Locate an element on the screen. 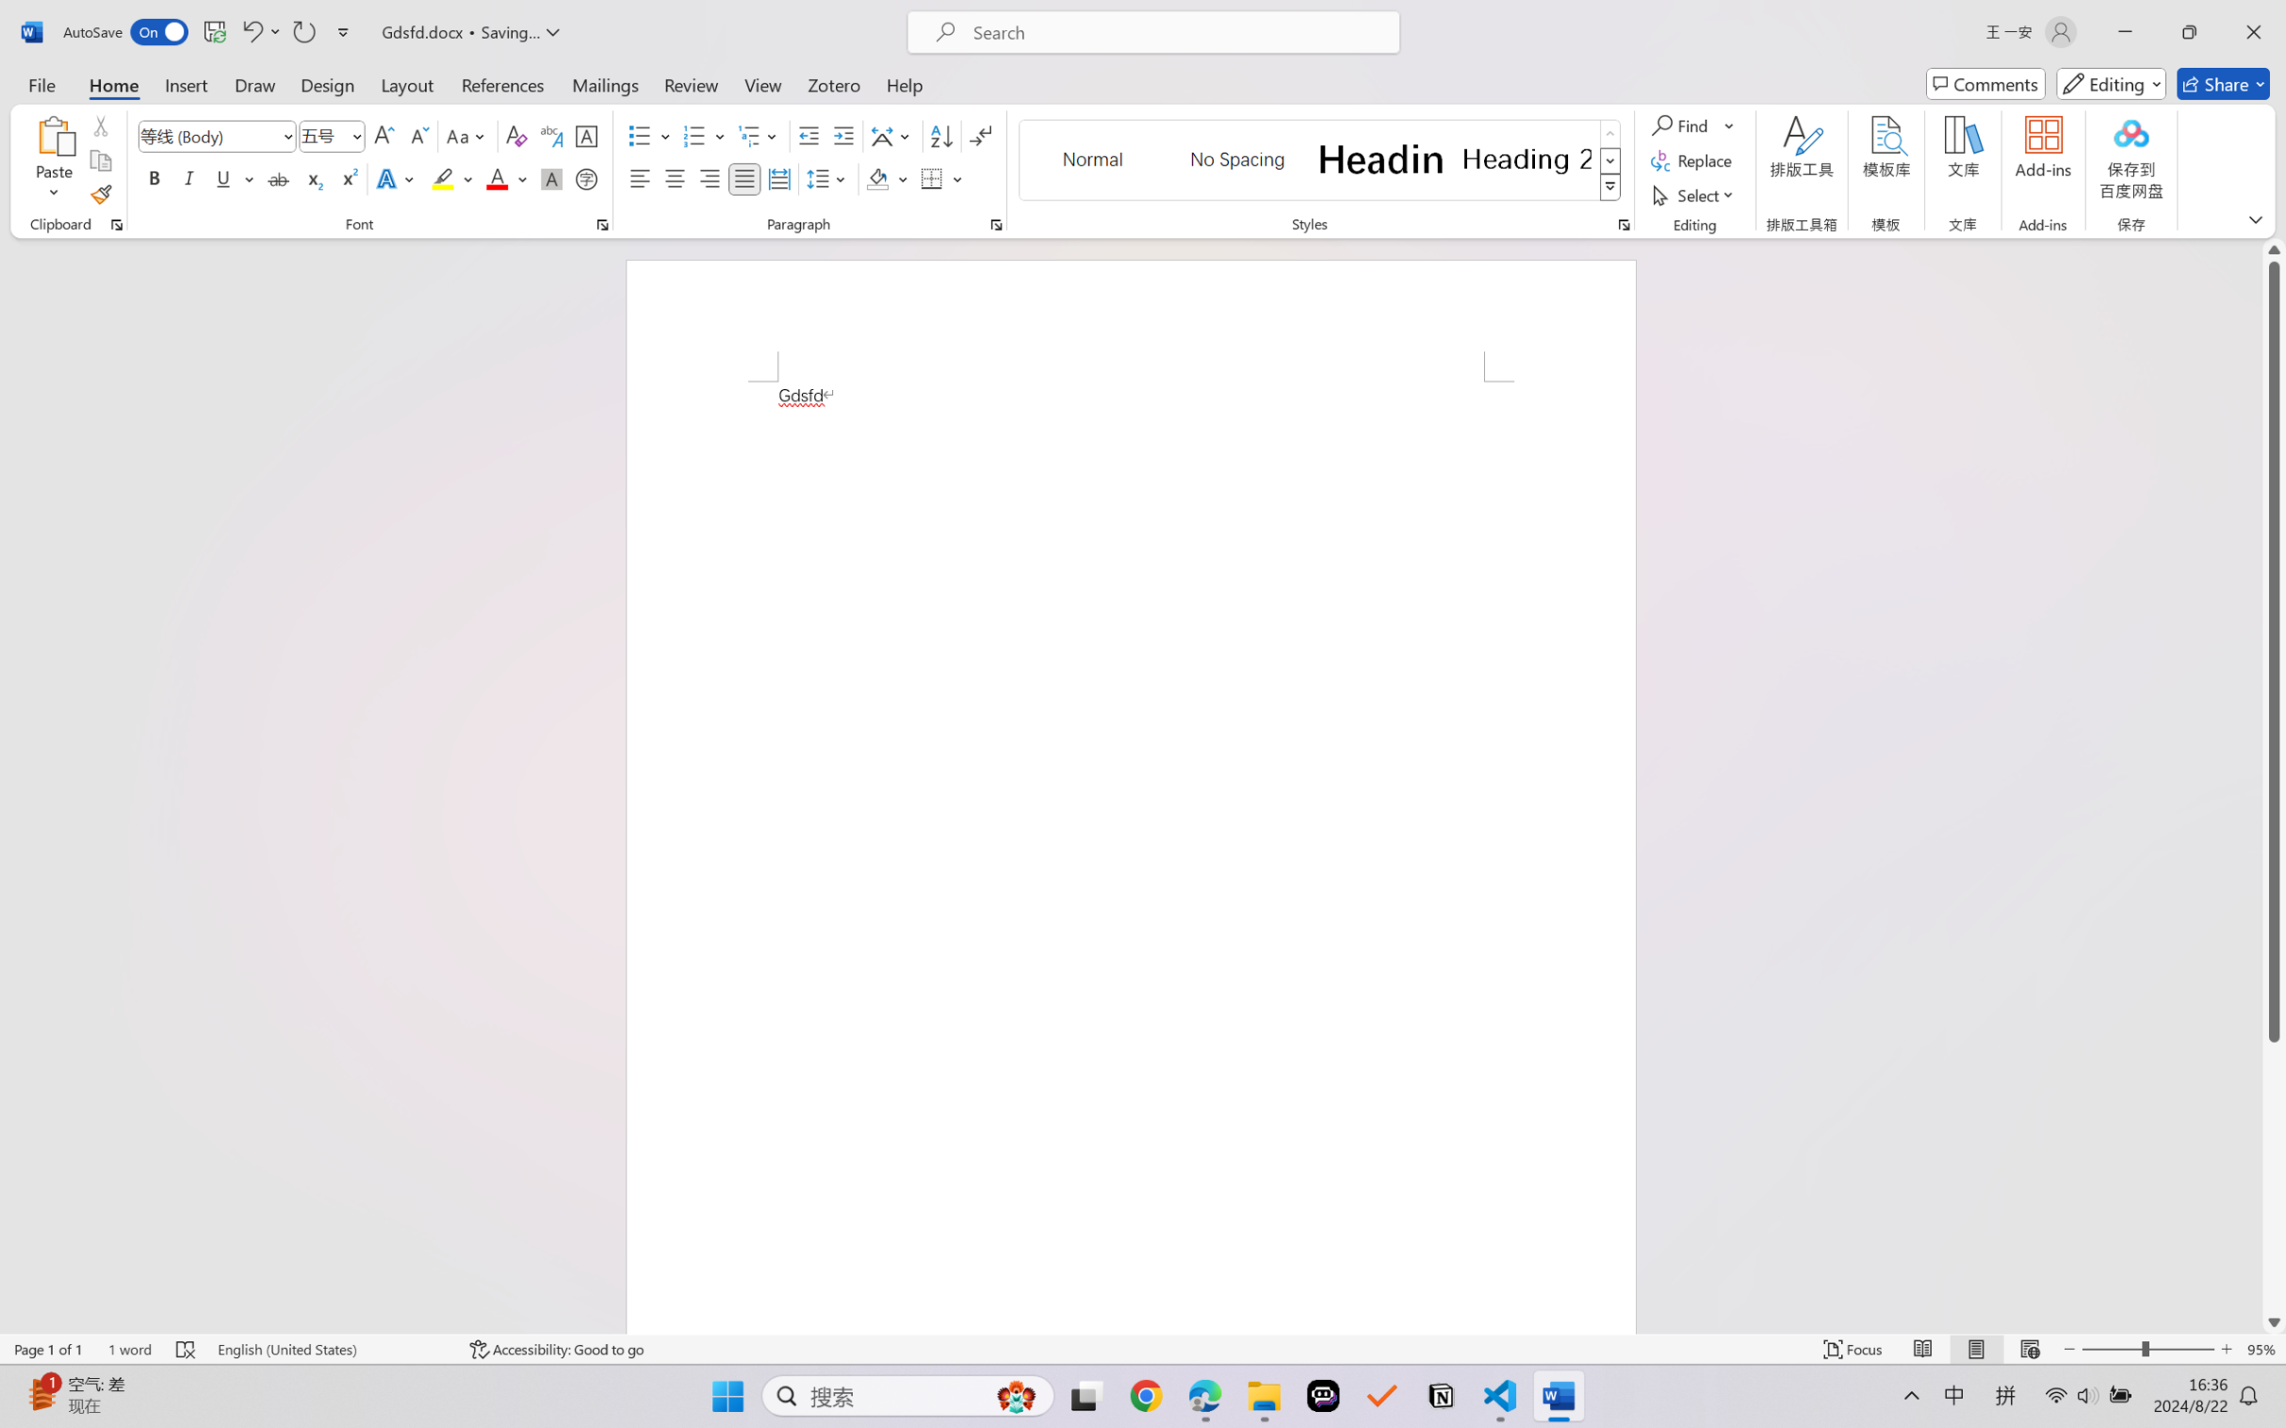  'Subscript' is located at coordinates (312, 178).